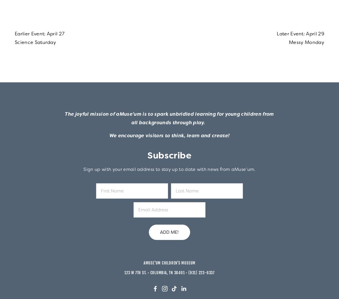  What do you see at coordinates (169, 118) in the screenshot?
I see `'The joyful mission of aMuse'um is to spark unbridled learning for young children from all backgrounds through play.'` at bounding box center [169, 118].